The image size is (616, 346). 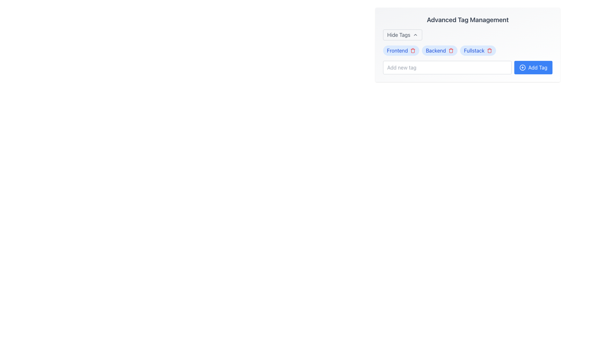 What do you see at coordinates (398, 35) in the screenshot?
I see `the first text label in the 'Advanced Tag Management' section, which describes the action of toggling the visibility of tags` at bounding box center [398, 35].